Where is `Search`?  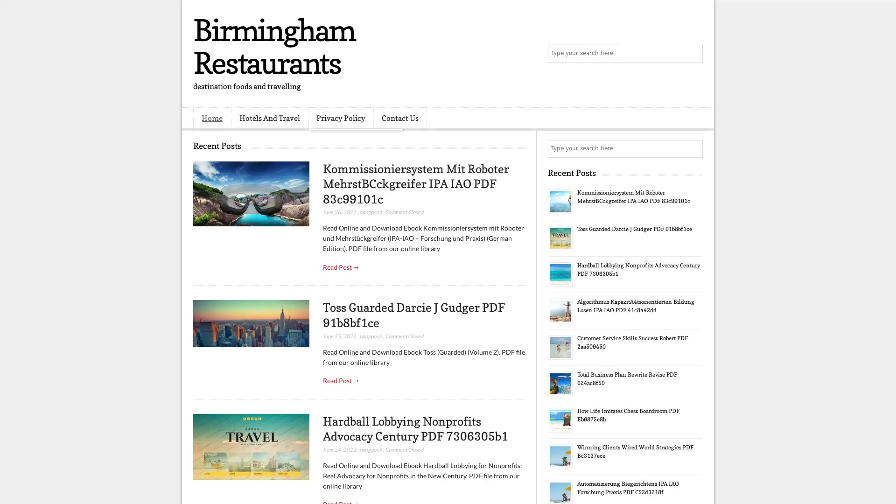 Search is located at coordinates (693, 54).